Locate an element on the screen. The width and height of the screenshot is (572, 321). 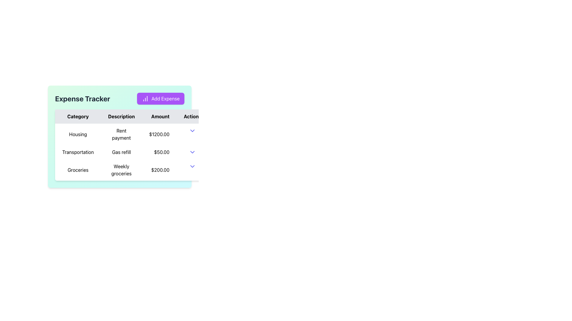
the 'Add Expense' button with a purple background and white text, which includes a bar chart icon is located at coordinates (161, 98).